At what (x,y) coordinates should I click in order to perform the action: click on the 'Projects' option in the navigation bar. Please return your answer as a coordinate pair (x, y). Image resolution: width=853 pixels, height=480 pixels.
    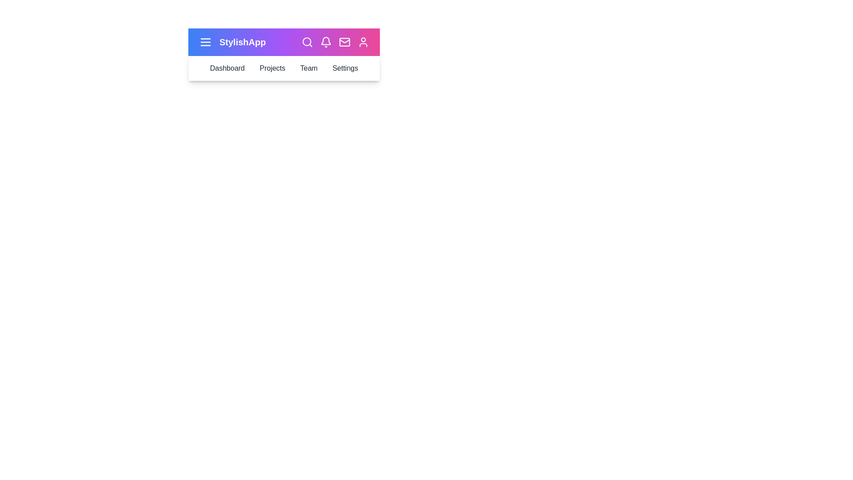
    Looking at the image, I should click on (272, 68).